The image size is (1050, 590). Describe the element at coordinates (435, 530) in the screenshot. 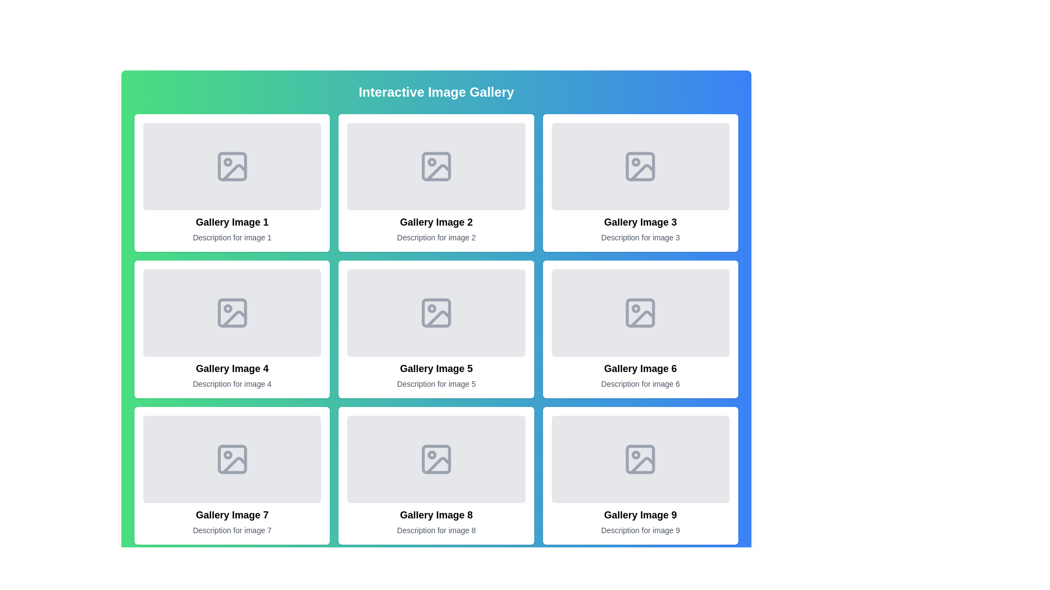

I see `the text label reading 'Description for image 8', which is styled in gray and positioned beneath 'Gallery Image 8' in the third row and second column of the grid layout` at that location.